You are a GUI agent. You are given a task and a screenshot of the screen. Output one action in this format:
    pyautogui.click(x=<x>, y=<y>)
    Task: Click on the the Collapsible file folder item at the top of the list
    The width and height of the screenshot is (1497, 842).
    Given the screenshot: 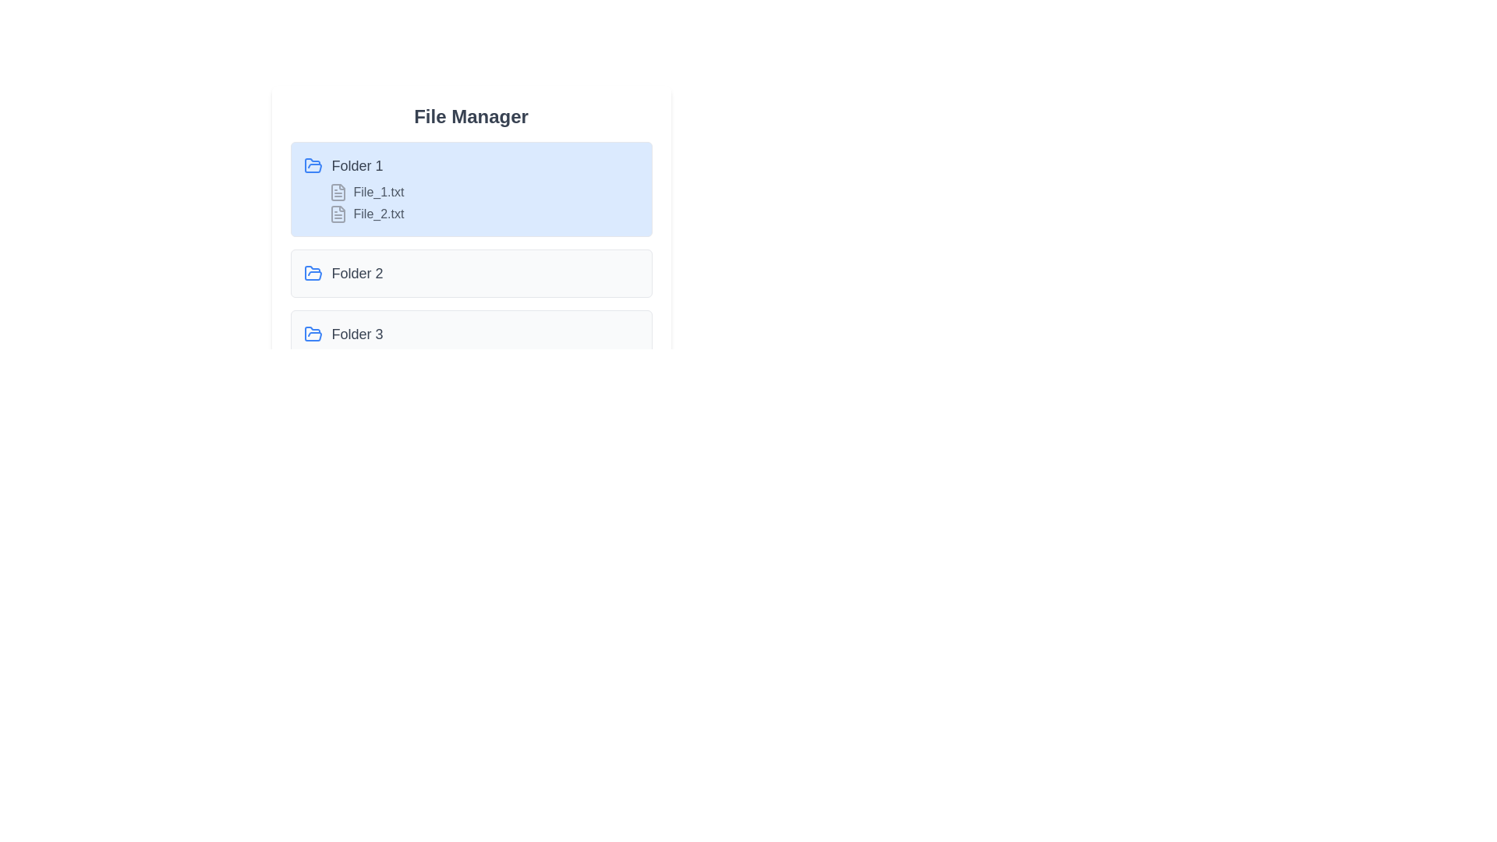 What is the action you would take?
    pyautogui.click(x=470, y=189)
    